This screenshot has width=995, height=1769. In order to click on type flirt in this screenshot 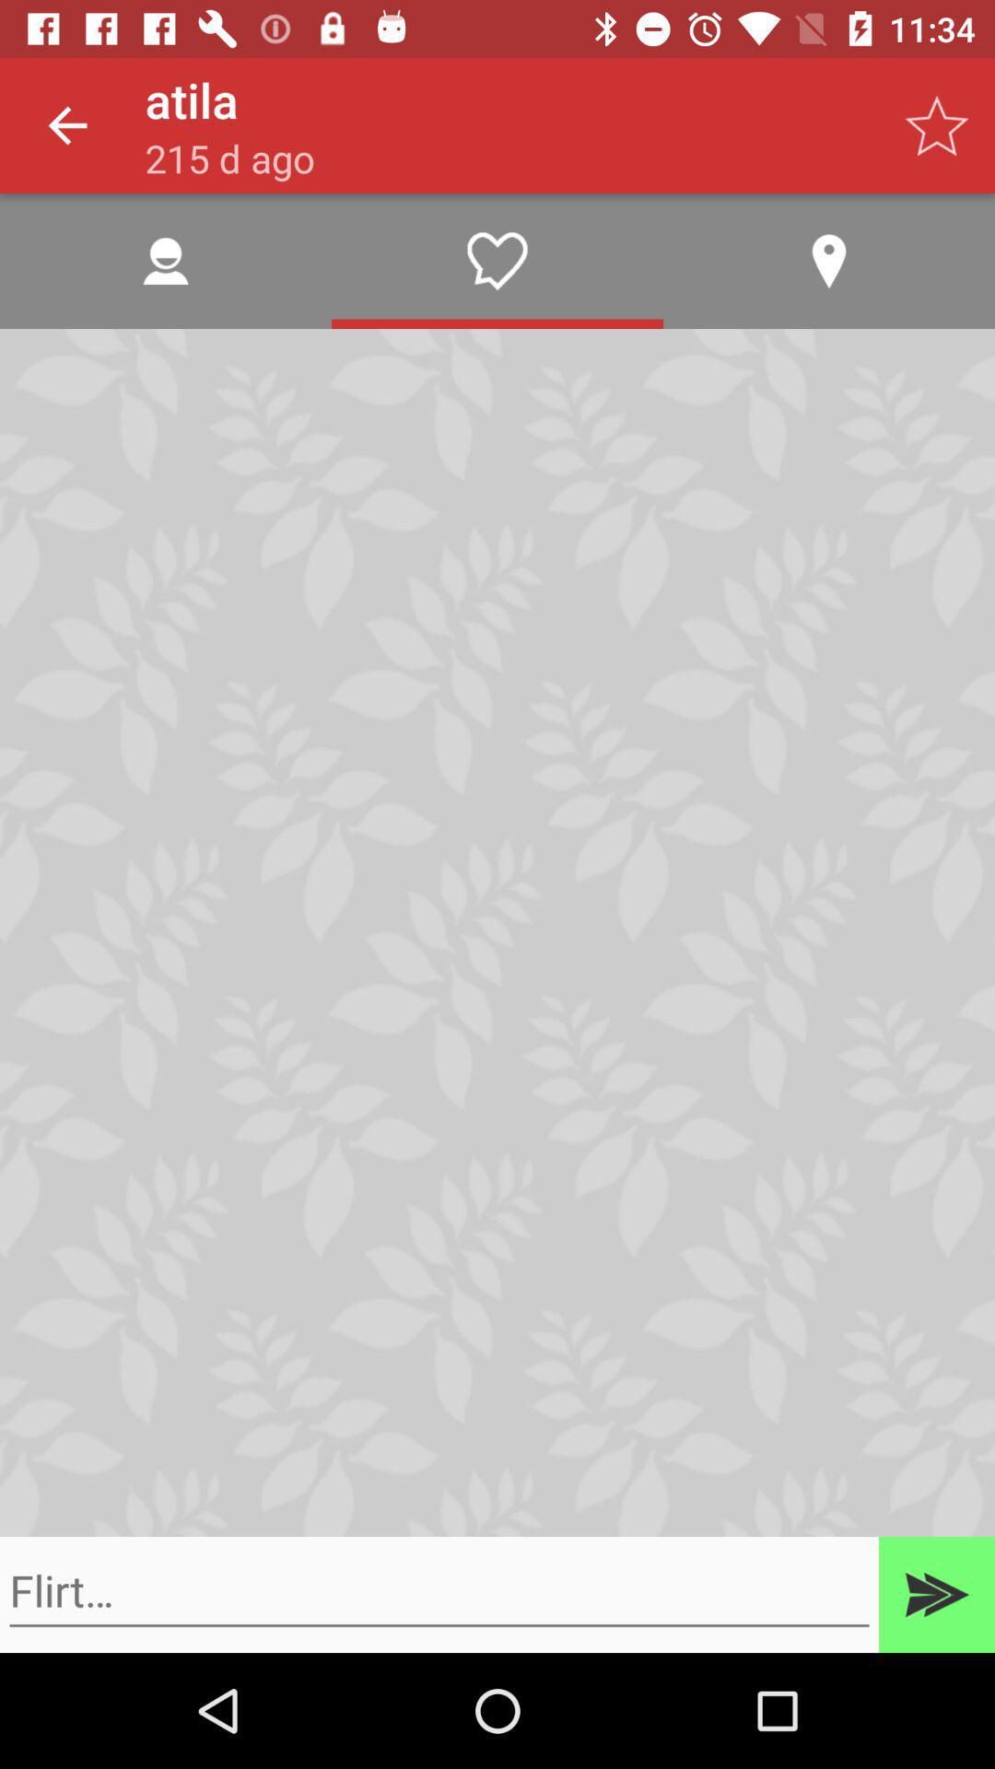, I will do `click(439, 1590)`.